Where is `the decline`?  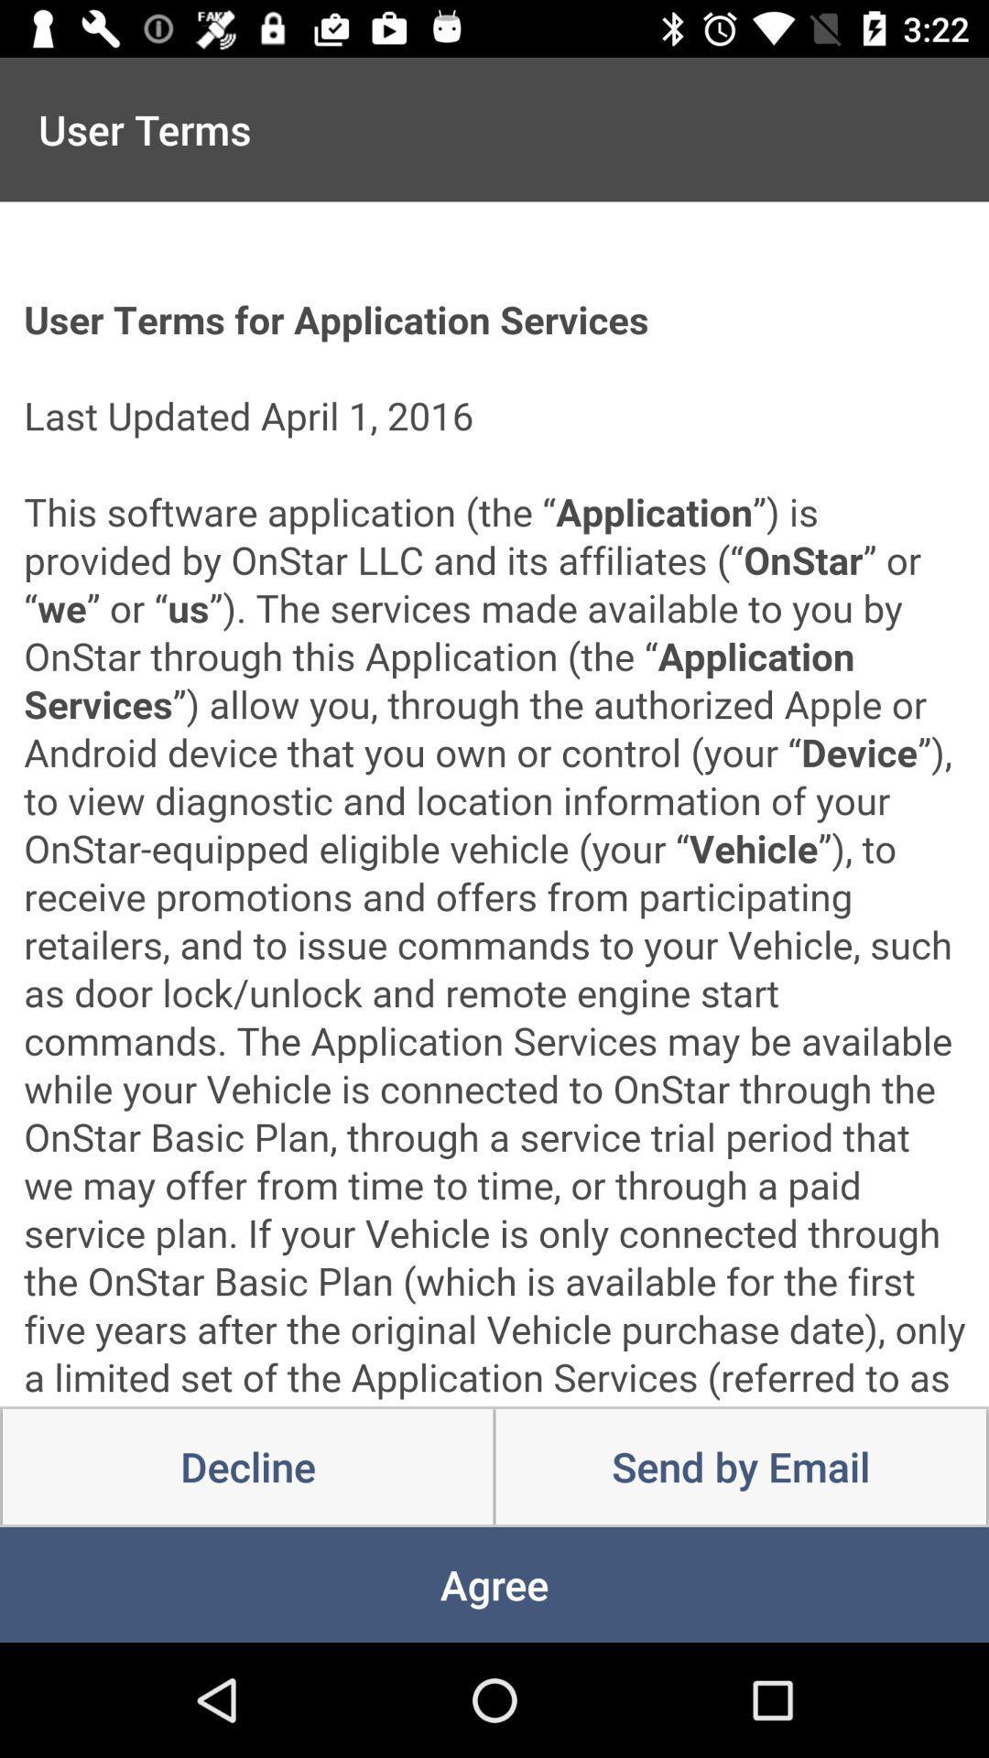
the decline is located at coordinates (247, 1467).